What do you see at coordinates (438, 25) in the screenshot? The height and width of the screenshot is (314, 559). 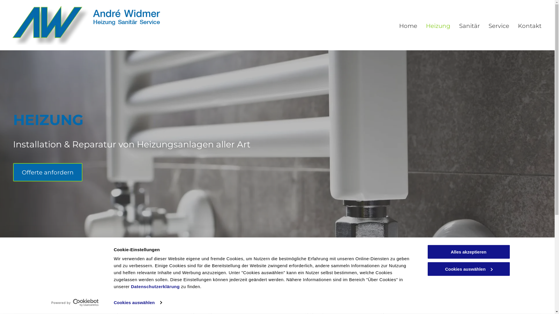 I see `'Heizung'` at bounding box center [438, 25].